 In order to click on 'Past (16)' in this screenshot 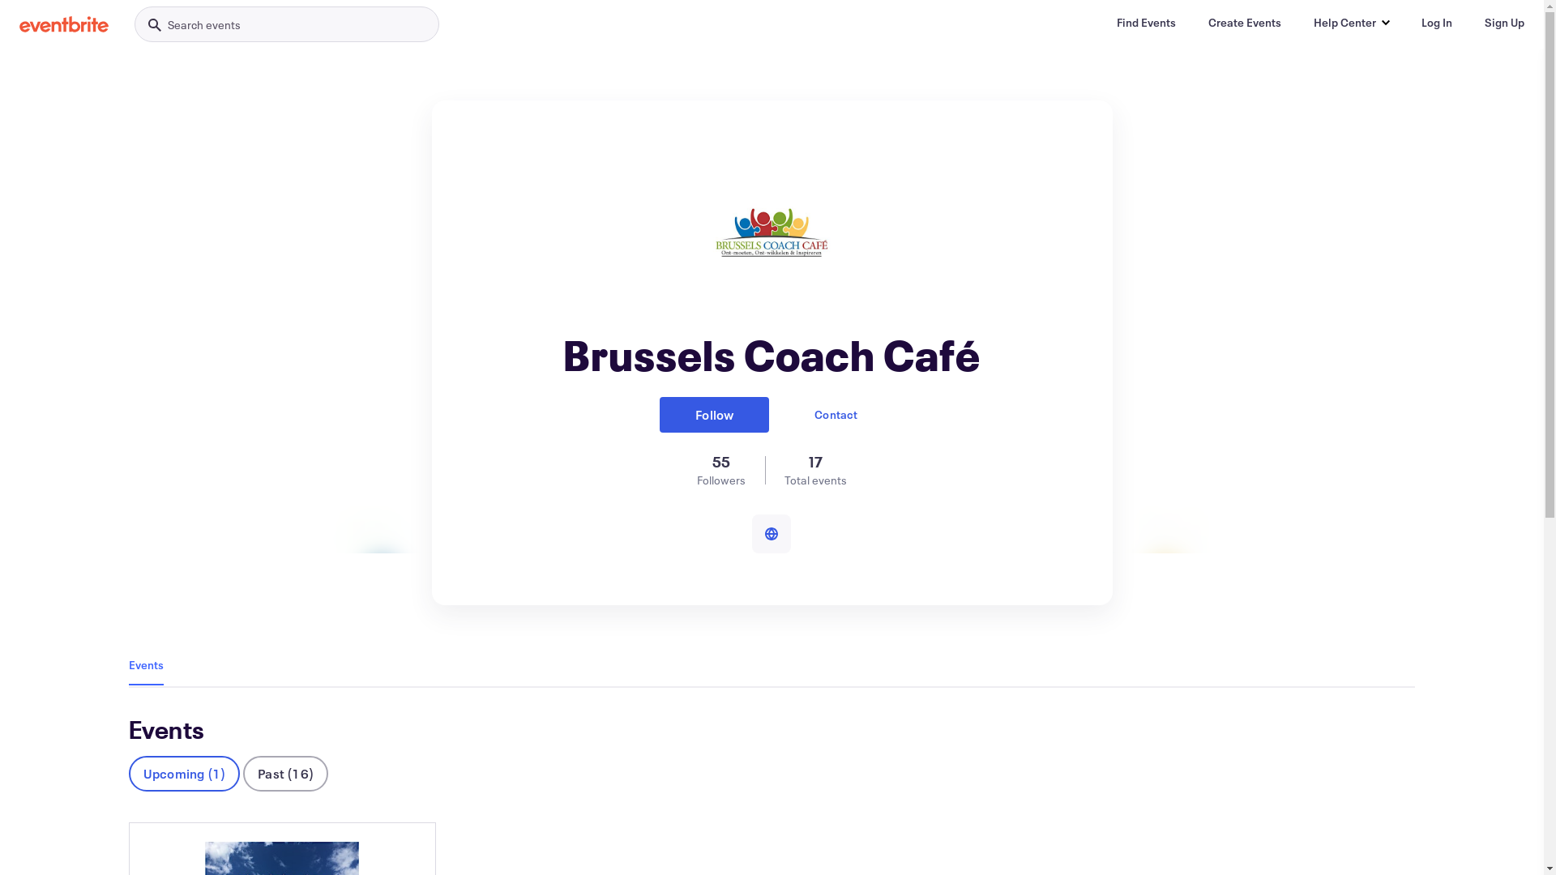, I will do `click(242, 773)`.